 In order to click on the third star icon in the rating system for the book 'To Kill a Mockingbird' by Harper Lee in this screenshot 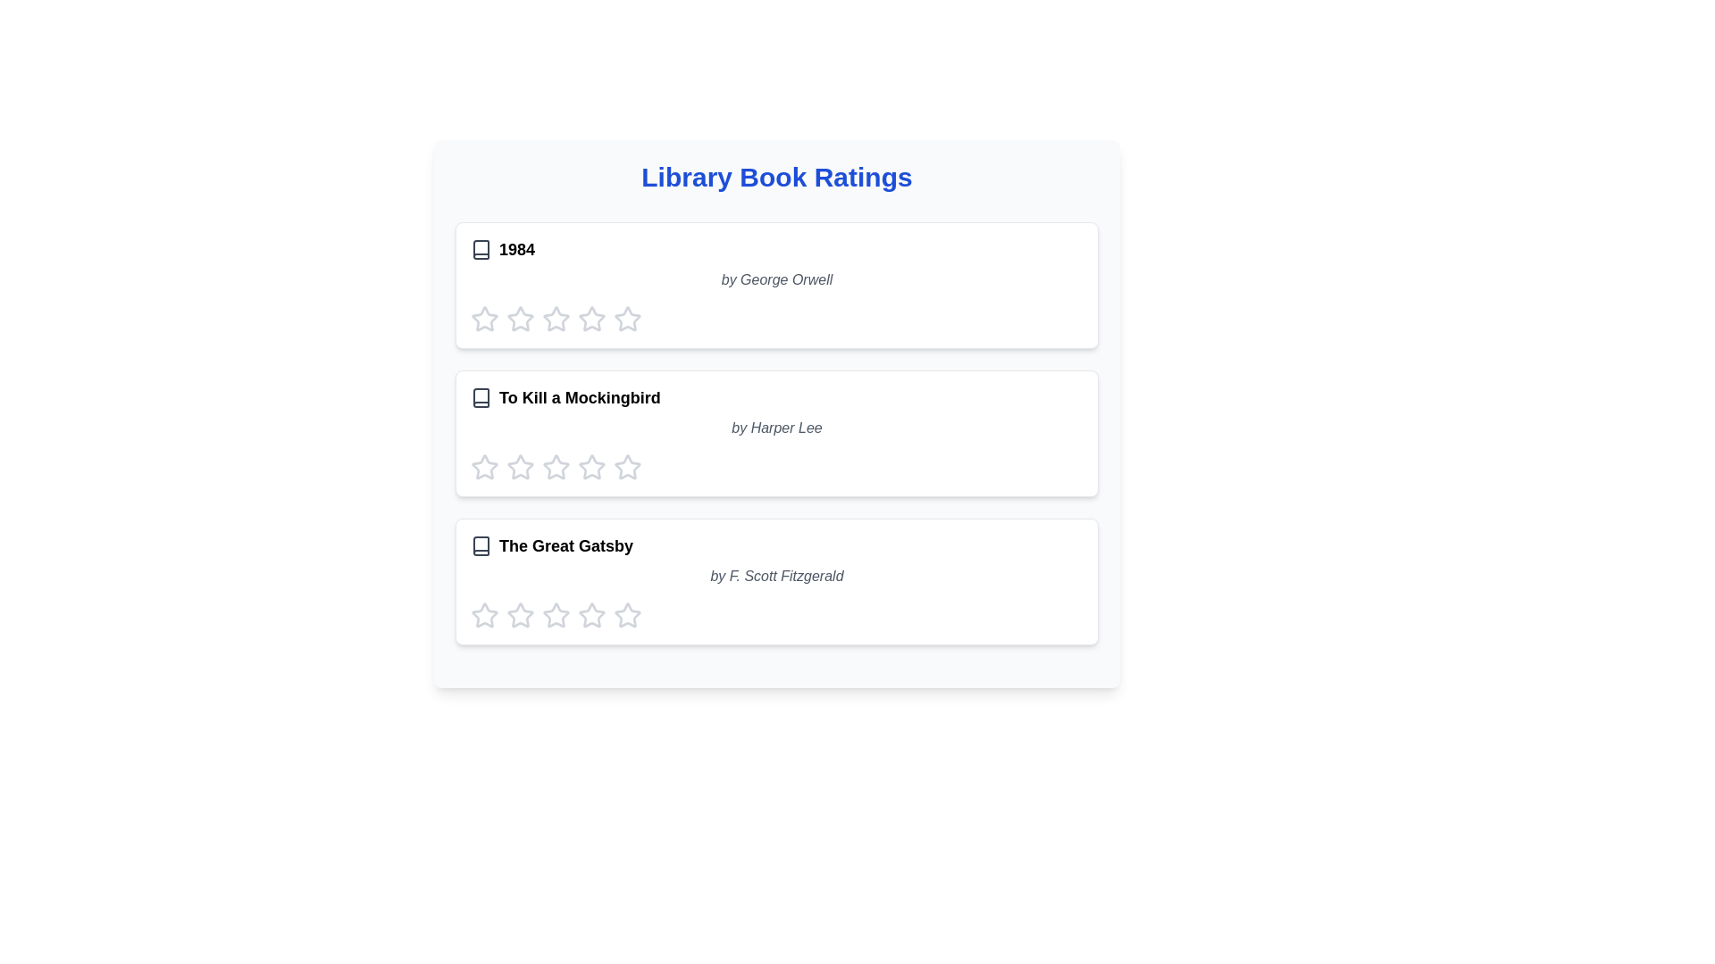, I will do `click(519, 467)`.